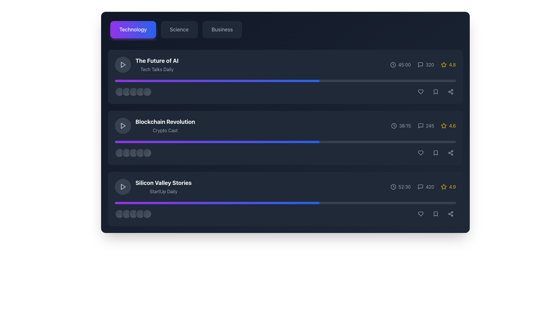  I want to click on the heart-shaped icon button, which is the first icon from the left in the group of interactive icons at the bottom right corner of the 'Silicon Valley Stories' list item, so click(421, 214).